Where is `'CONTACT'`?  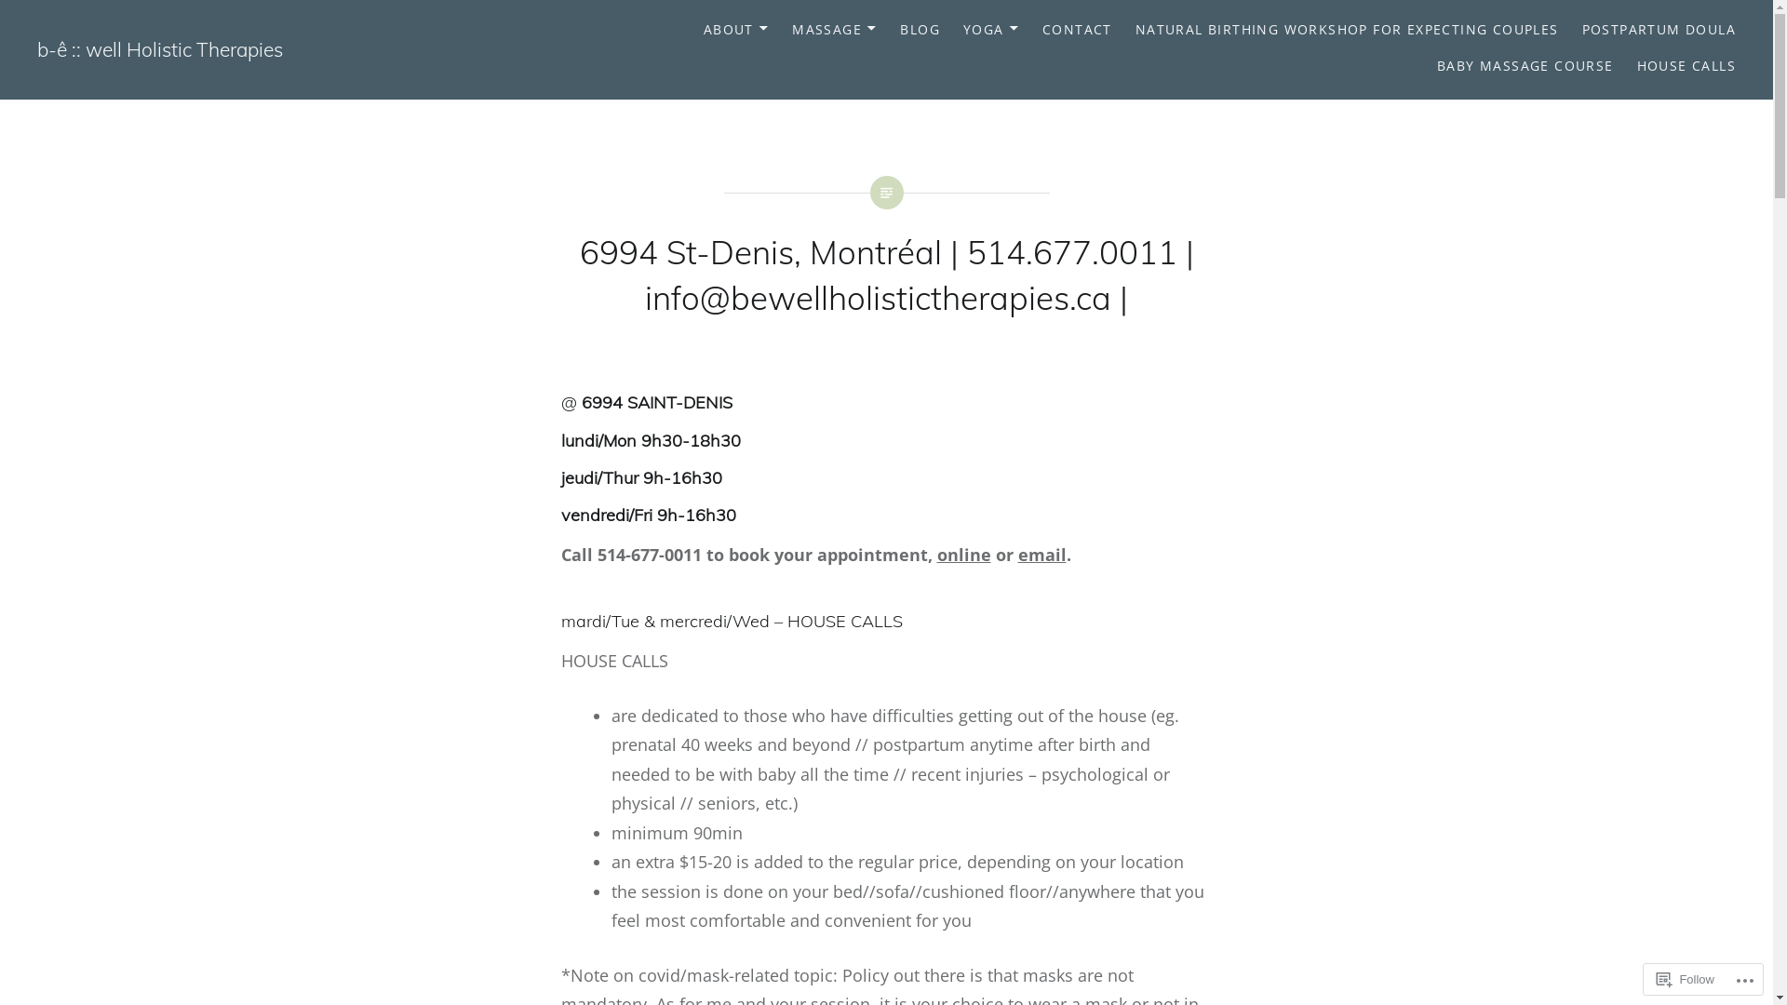 'CONTACT' is located at coordinates (1041, 30).